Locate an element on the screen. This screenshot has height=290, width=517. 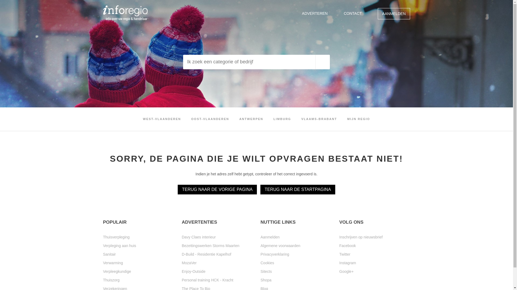
'LIMBURG' is located at coordinates (282, 119).